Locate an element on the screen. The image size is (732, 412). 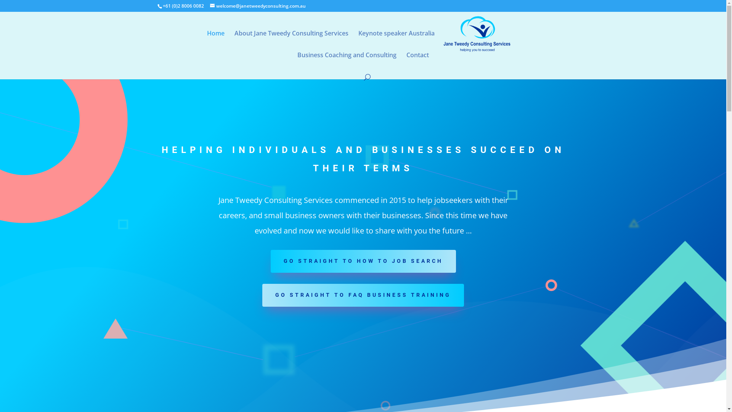
'Home' is located at coordinates (215, 41).